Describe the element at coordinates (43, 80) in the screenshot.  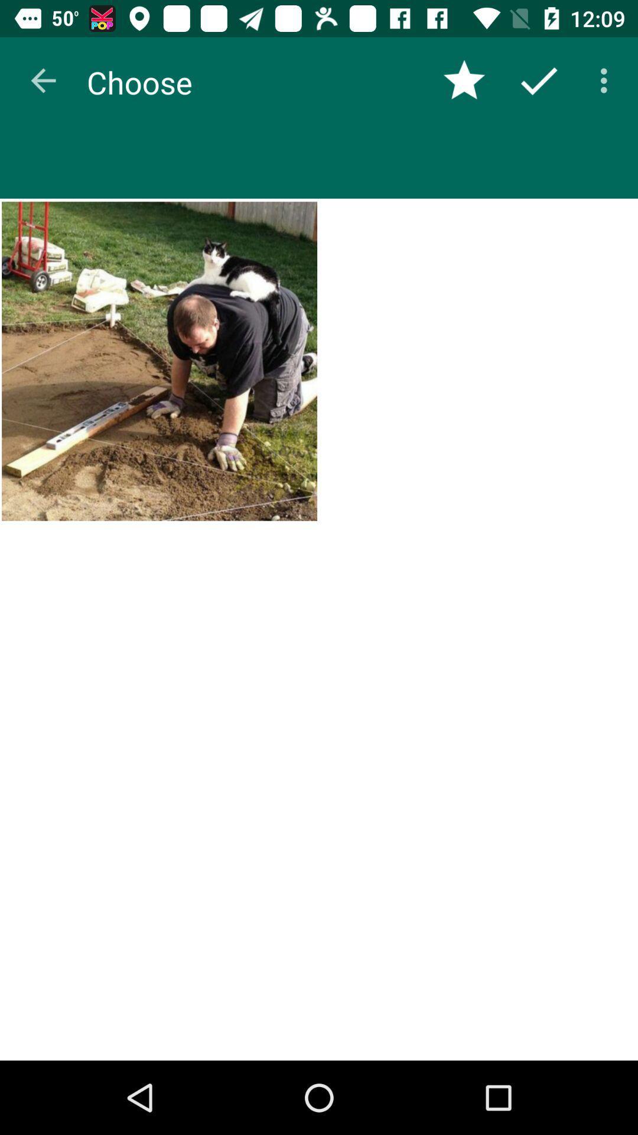
I see `item next to choose item` at that location.